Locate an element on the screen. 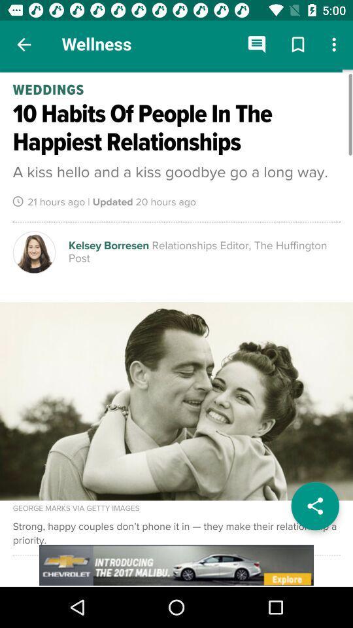 The height and width of the screenshot is (628, 353). wellness info is located at coordinates (176, 327).